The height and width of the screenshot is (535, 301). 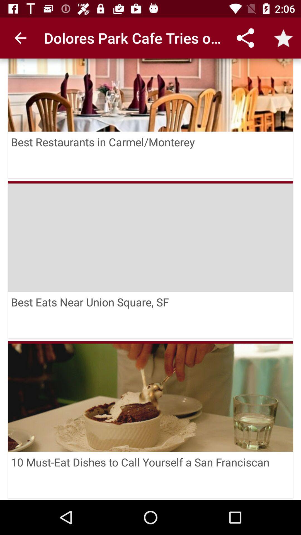 I want to click on best eats near icon, so click(x=151, y=315).